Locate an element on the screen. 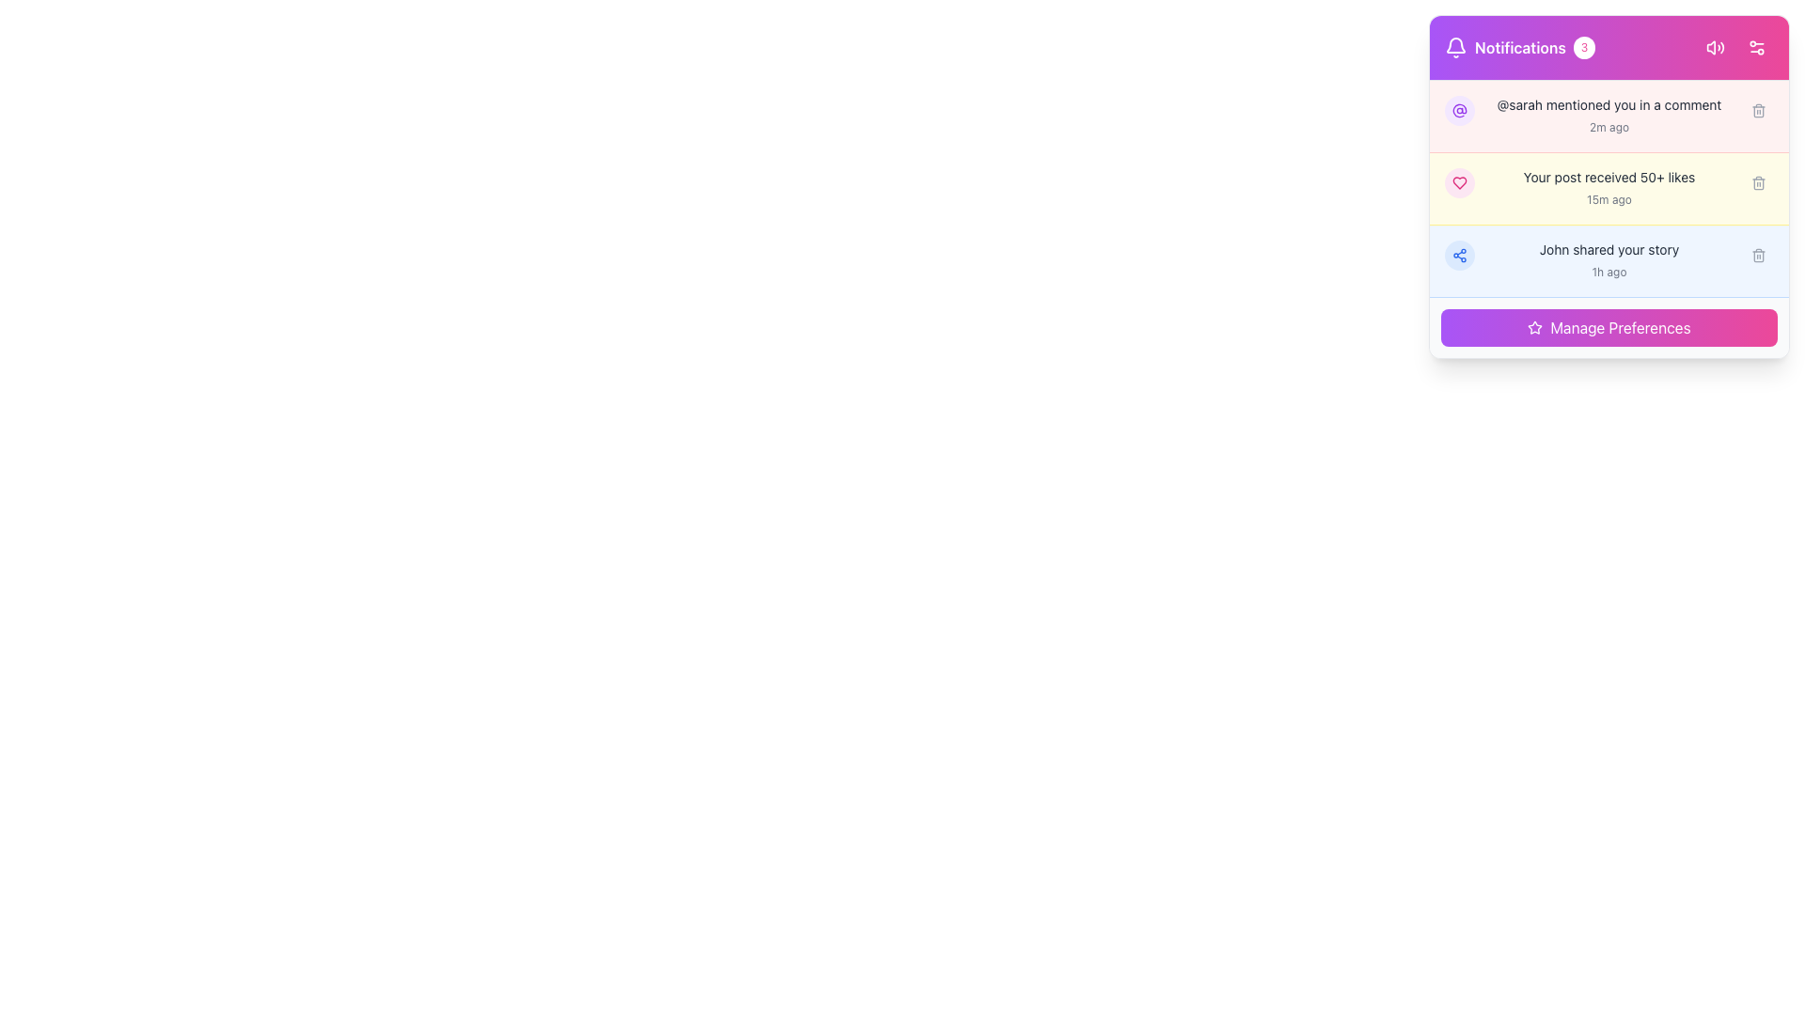 The height and width of the screenshot is (1015, 1805). the settings icon located at the top-right corner of the notification panel within the rounded pink button labeled 'Notification settings' is located at coordinates (1755, 46).